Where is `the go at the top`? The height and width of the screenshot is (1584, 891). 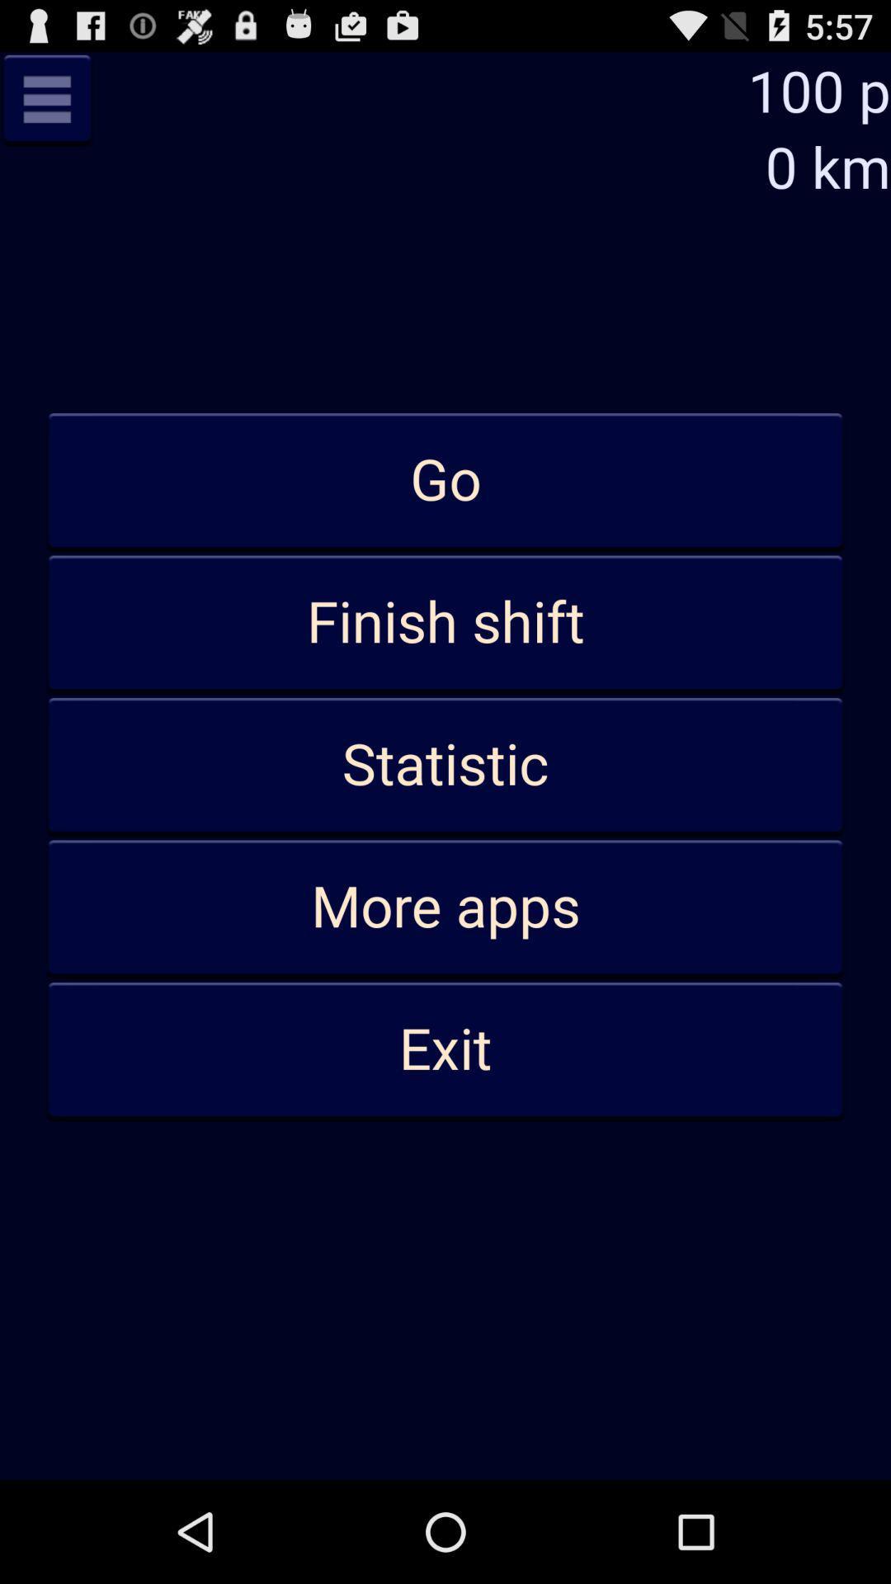 the go at the top is located at coordinates (445, 480).